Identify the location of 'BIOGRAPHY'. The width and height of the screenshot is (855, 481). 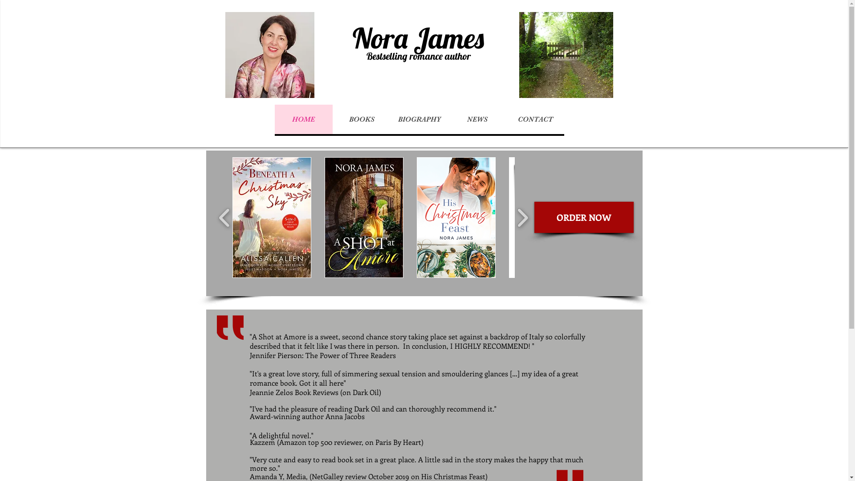
(418, 118).